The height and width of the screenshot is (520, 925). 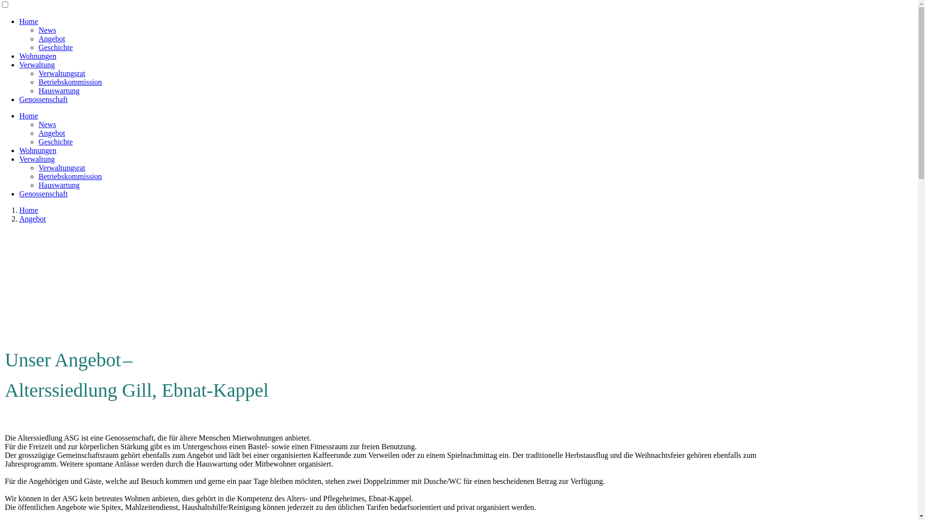 What do you see at coordinates (69, 176) in the screenshot?
I see `'Betriebskommission'` at bounding box center [69, 176].